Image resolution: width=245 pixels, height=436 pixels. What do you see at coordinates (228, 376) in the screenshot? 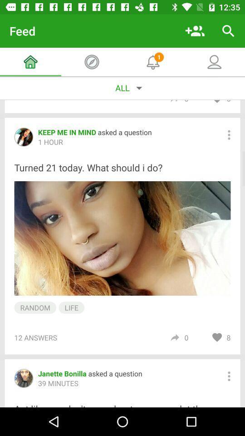
I see `open options` at bounding box center [228, 376].